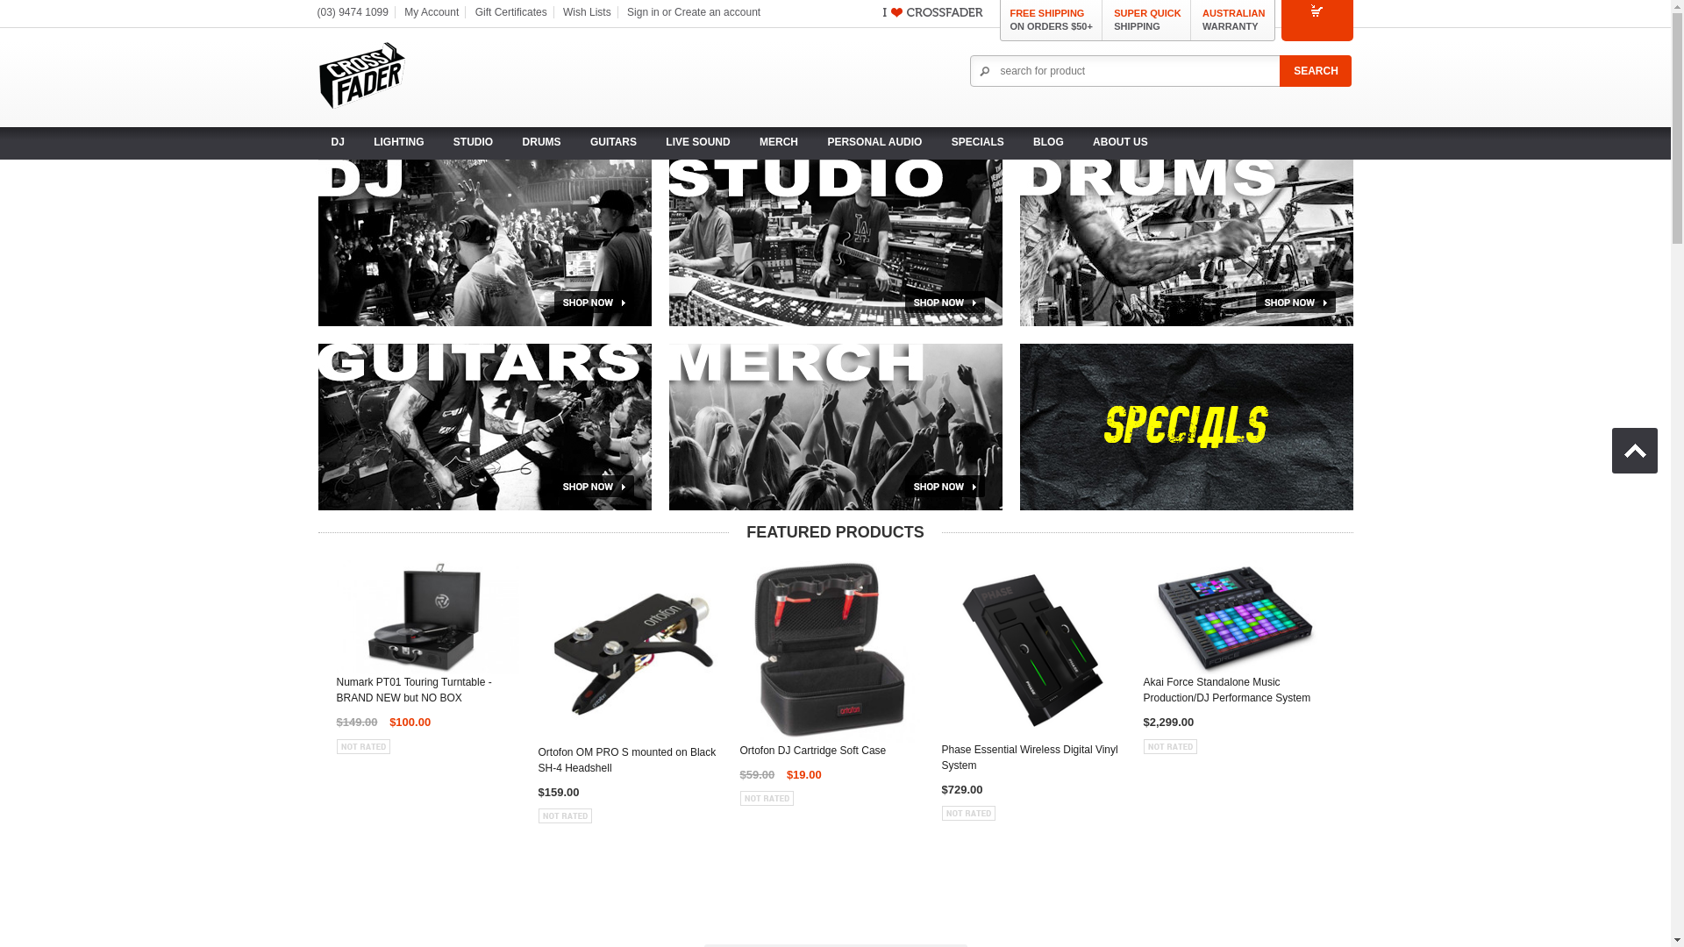 Image resolution: width=1684 pixels, height=947 pixels. Describe the element at coordinates (642, 12) in the screenshot. I see `'Sign in'` at that location.